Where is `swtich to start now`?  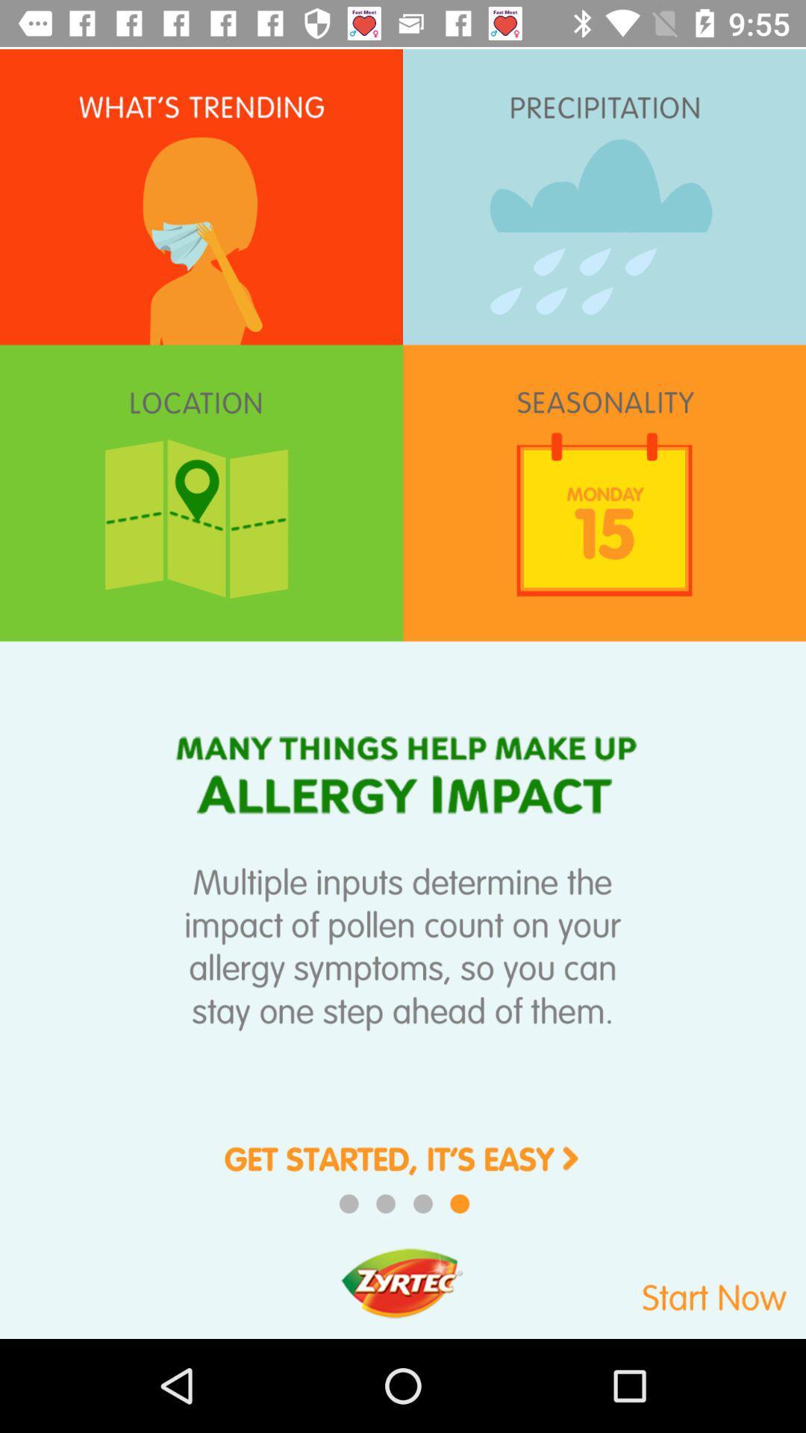
swtich to start now is located at coordinates (658, 1289).